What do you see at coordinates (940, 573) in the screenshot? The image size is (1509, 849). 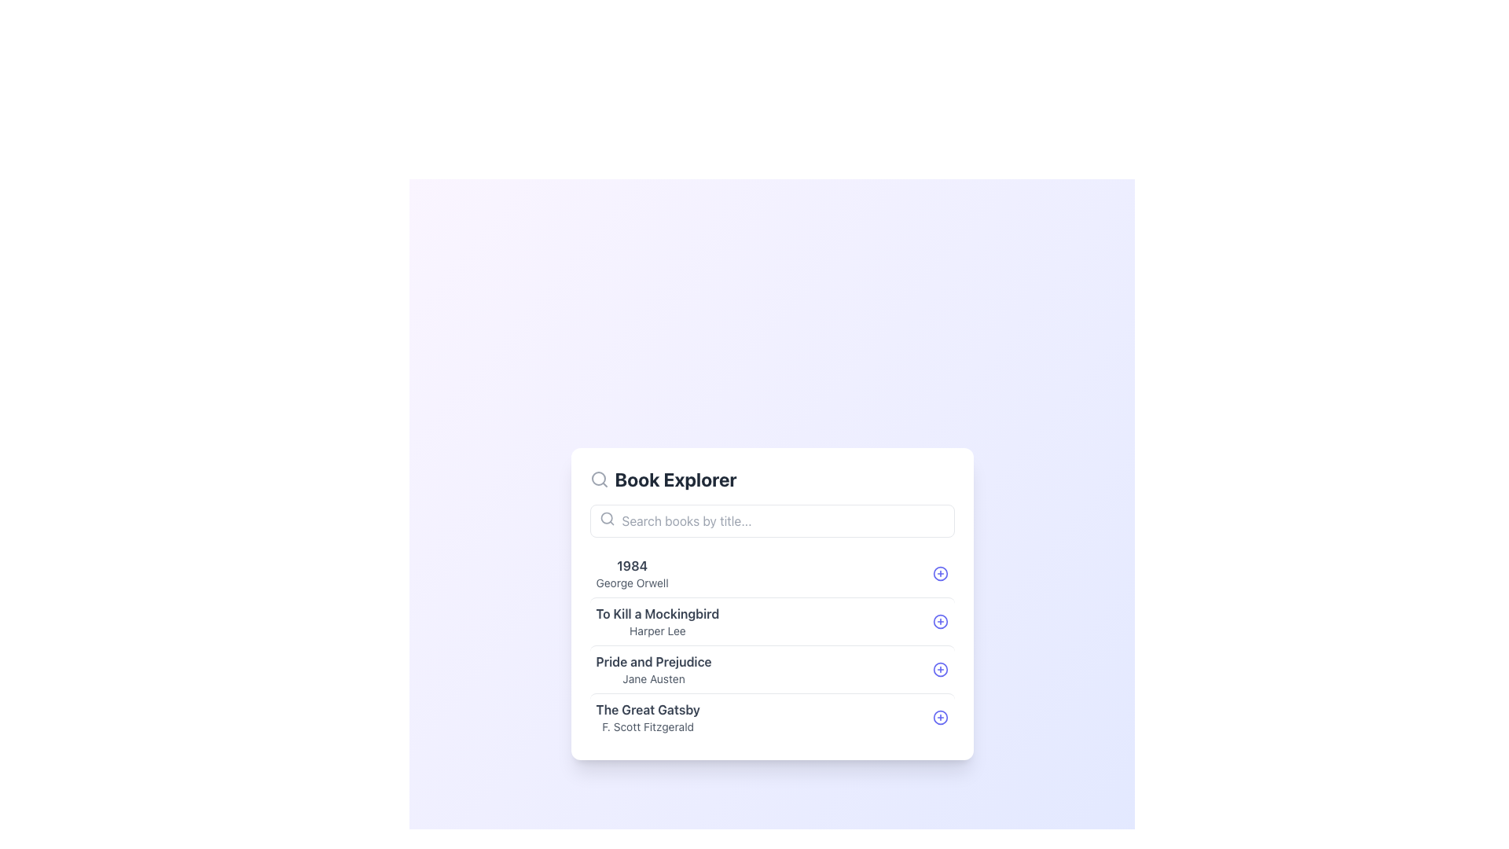 I see `the button-like icon located at the right end of the row containing the text '1984' by George Orwell` at bounding box center [940, 573].